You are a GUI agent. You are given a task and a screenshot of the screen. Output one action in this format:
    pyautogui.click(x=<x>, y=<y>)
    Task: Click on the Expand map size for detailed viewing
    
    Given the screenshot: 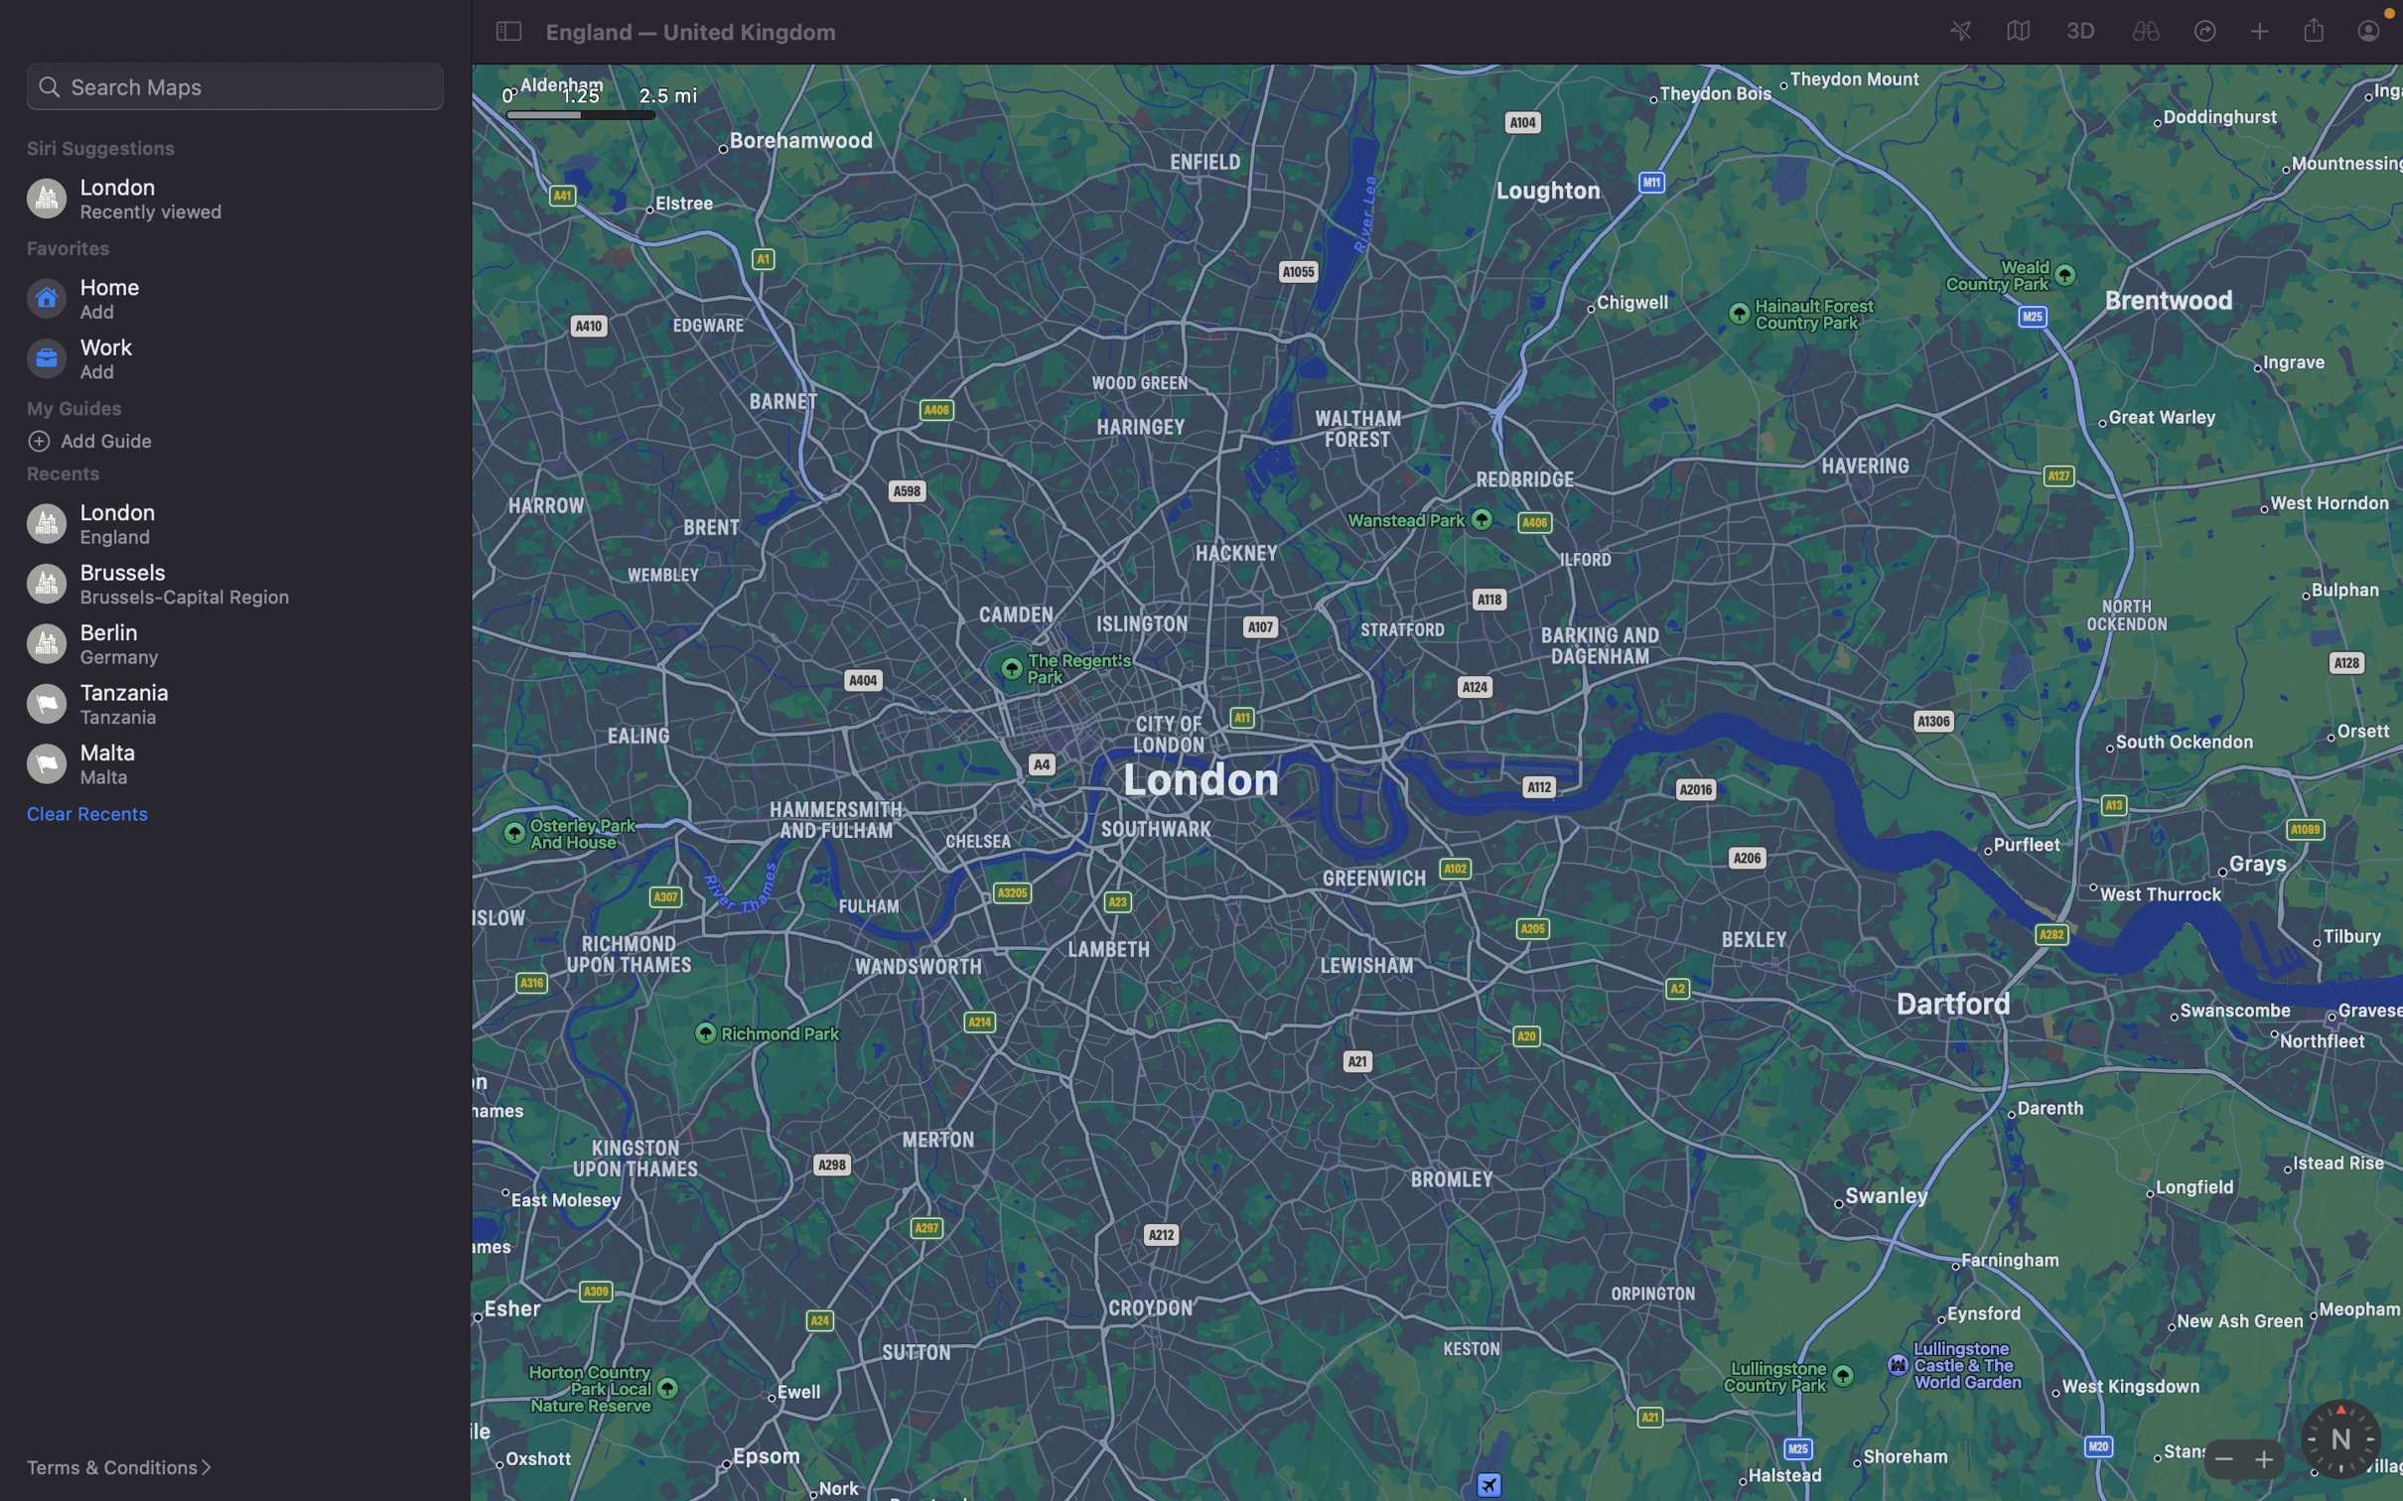 What is the action you would take?
    pyautogui.click(x=2259, y=1457)
    